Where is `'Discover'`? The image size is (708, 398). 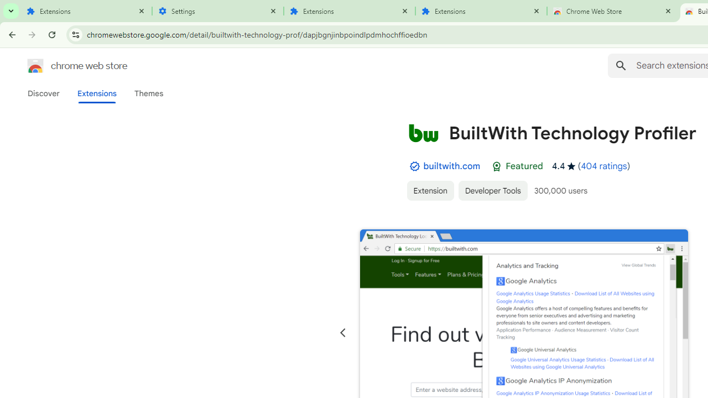 'Discover' is located at coordinates (44, 93).